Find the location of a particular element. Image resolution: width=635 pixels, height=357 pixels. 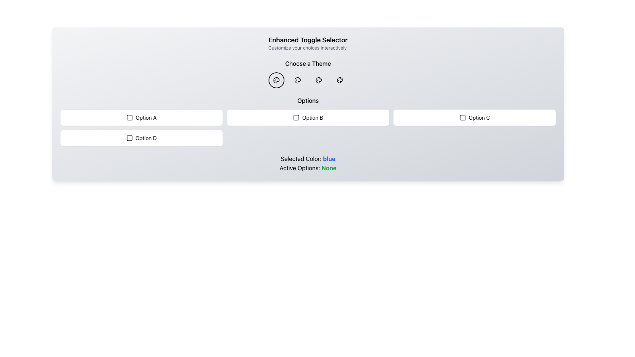

the leftmost circular theme icon located under the 'Choose a Theme' heading is located at coordinates (276, 80).